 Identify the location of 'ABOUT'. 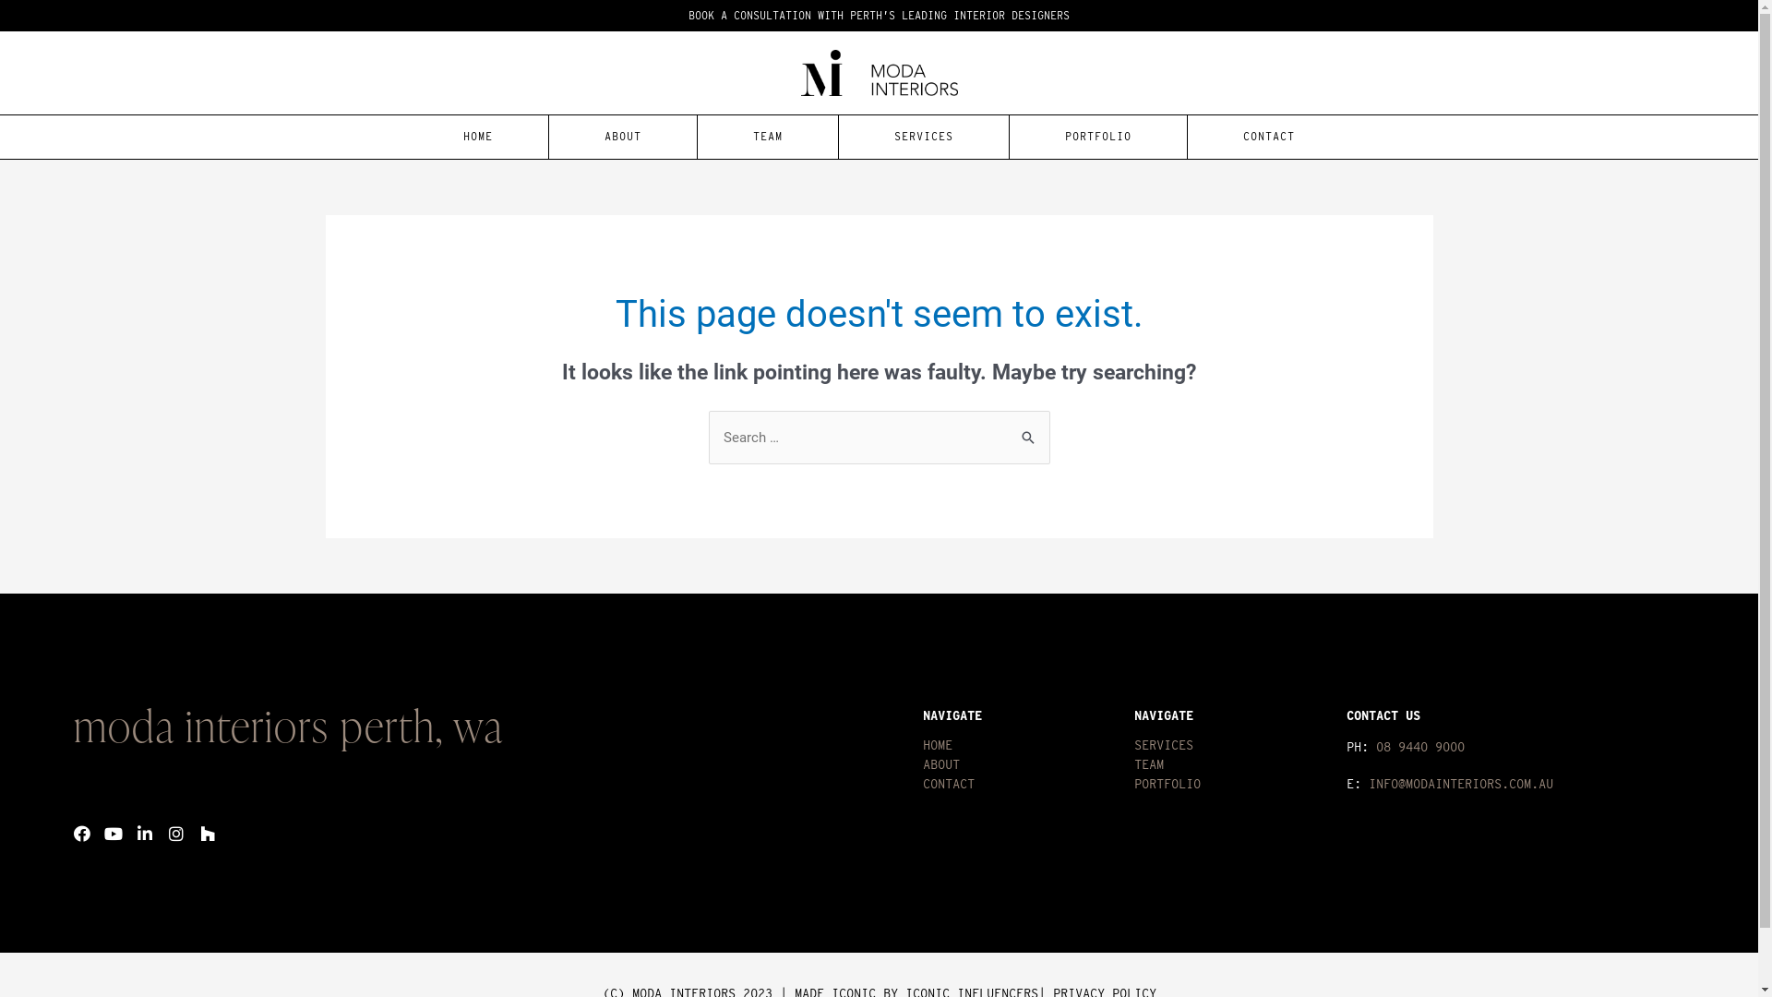
(623, 135).